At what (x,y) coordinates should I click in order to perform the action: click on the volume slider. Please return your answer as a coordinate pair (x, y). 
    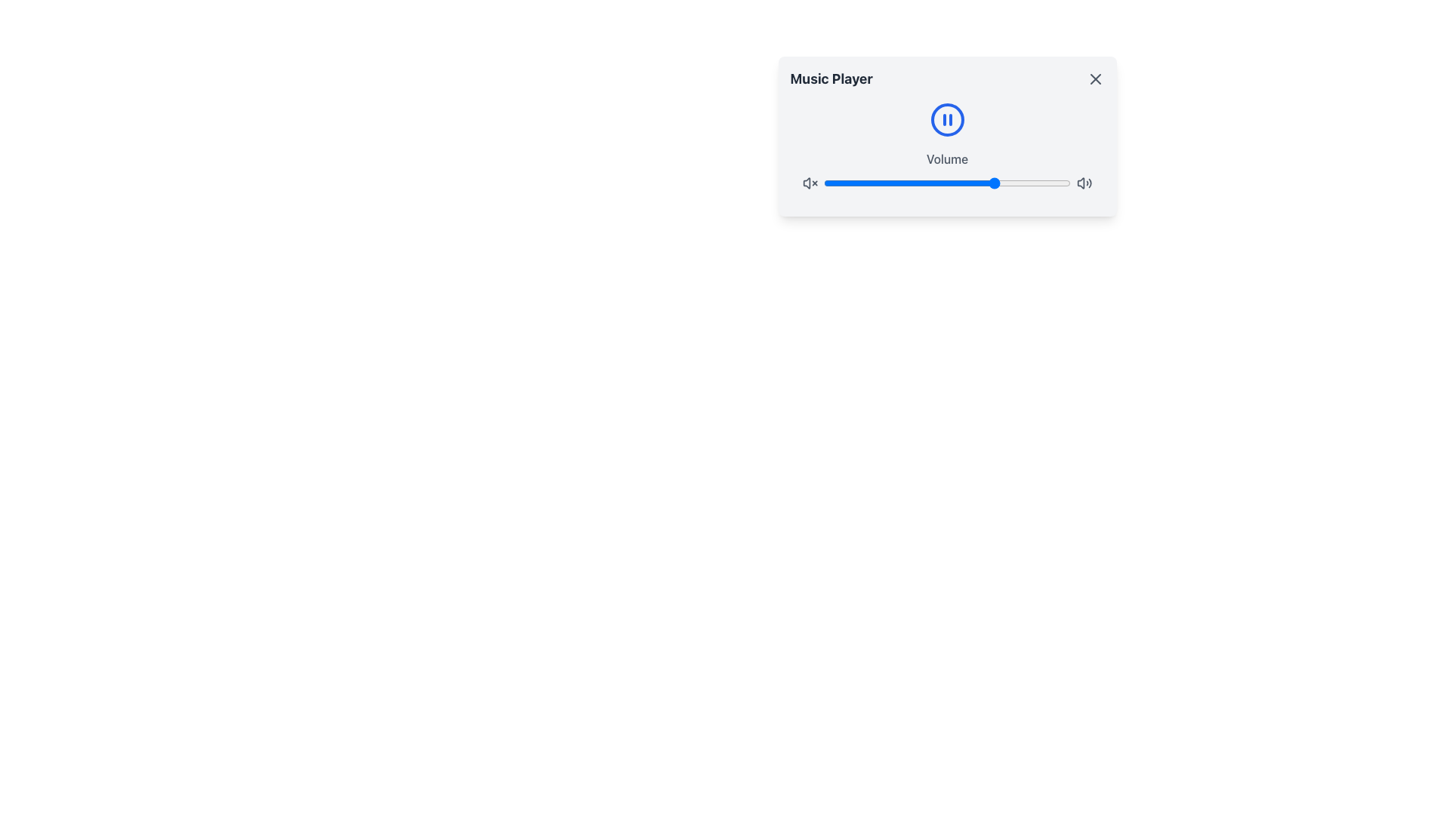
    Looking at the image, I should click on (974, 183).